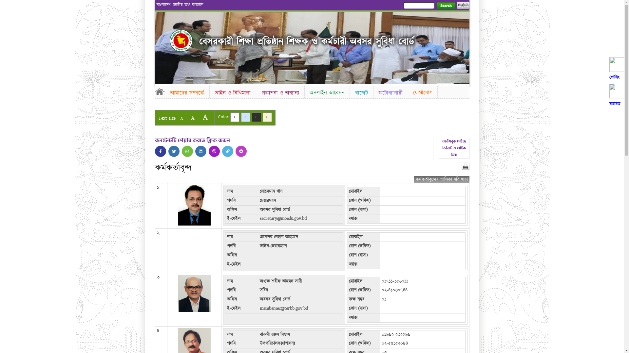 This screenshot has width=629, height=353. I want to click on 'membersec@terbb.gov.bd', so click(284, 309).